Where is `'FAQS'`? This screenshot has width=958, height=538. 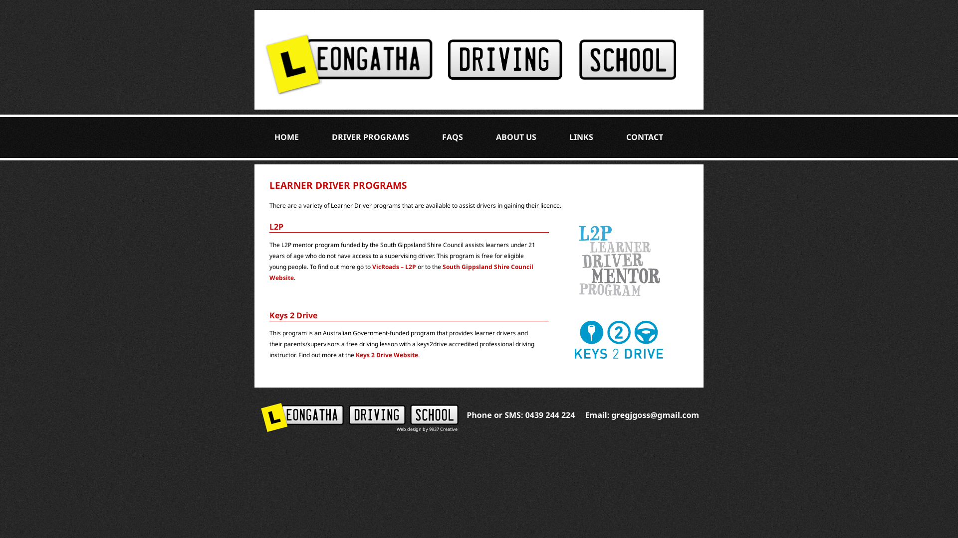 'FAQS' is located at coordinates (452, 136).